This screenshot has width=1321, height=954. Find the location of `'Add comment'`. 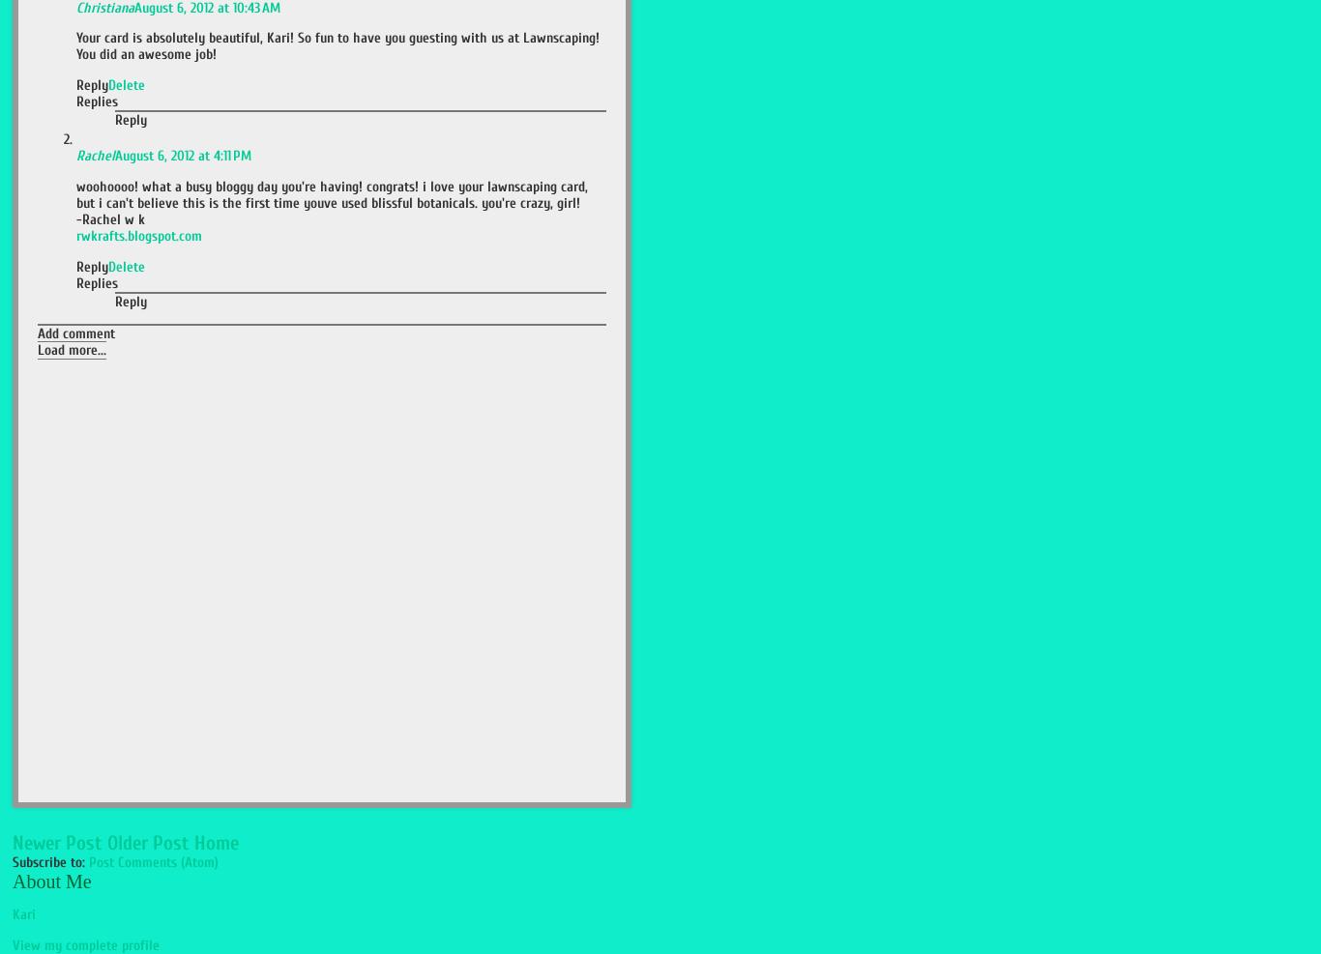

'Add comment' is located at coordinates (75, 332).